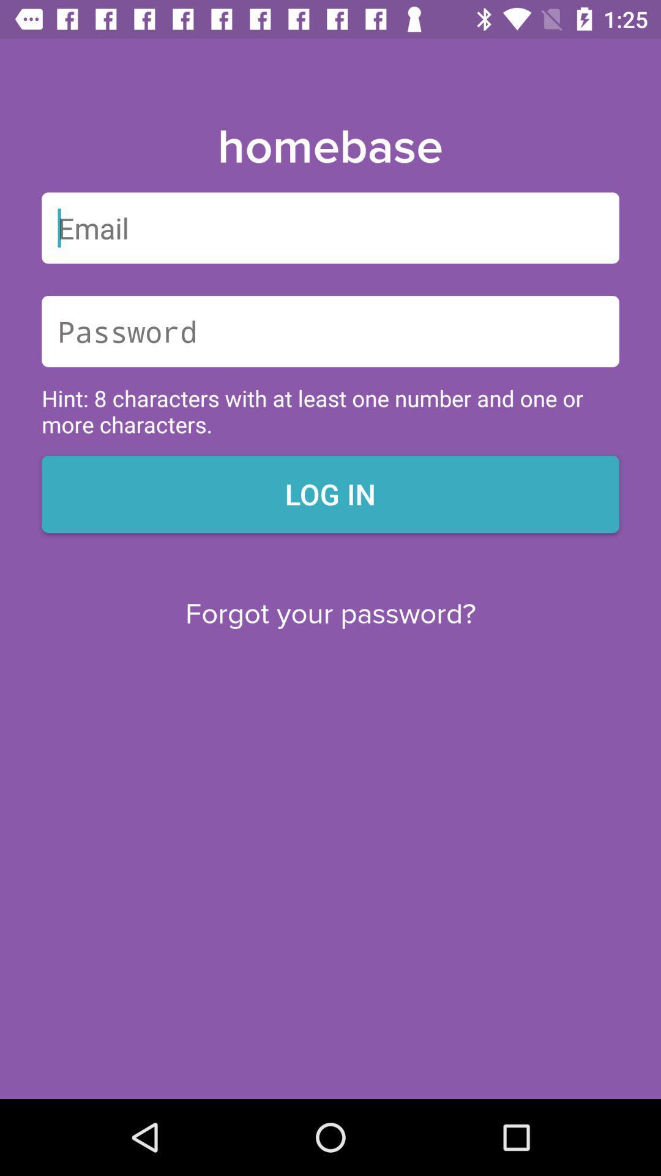  Describe the element at coordinates (330, 614) in the screenshot. I see `the forgot your password? icon` at that location.